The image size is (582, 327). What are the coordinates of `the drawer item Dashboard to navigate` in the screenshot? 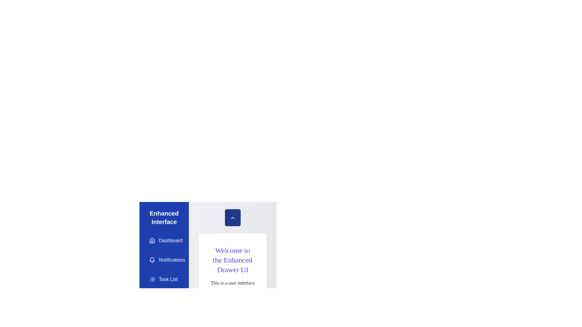 It's located at (164, 240).